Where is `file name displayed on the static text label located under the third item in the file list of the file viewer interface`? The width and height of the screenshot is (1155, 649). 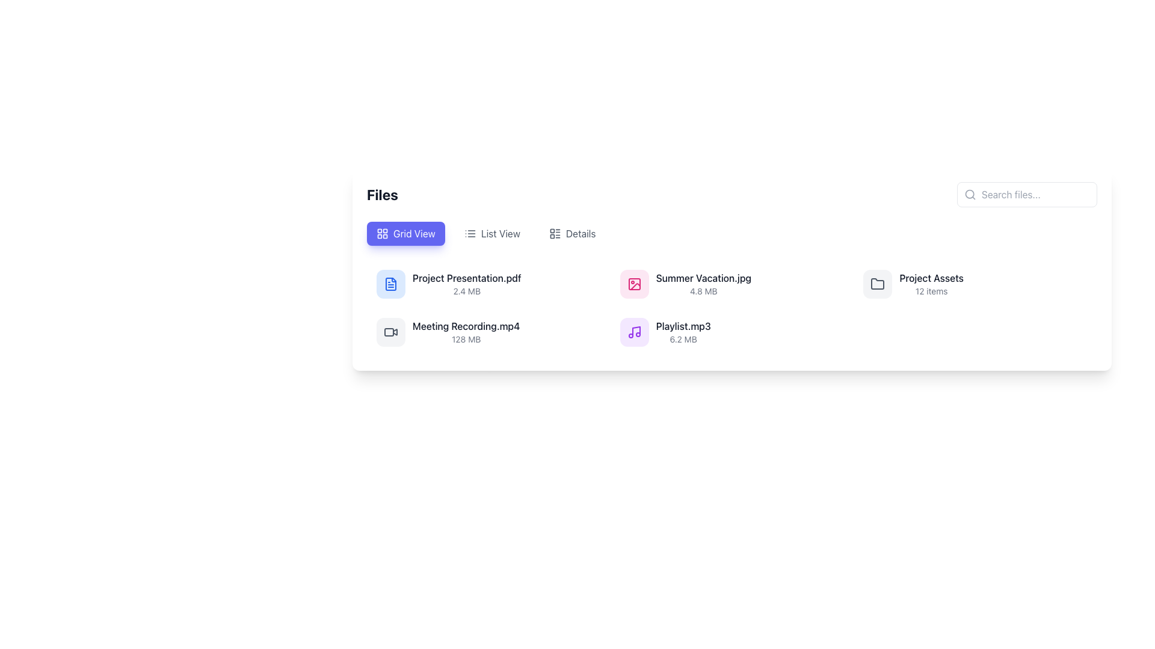
file name displayed on the static text label located under the third item in the file list of the file viewer interface is located at coordinates (703, 278).